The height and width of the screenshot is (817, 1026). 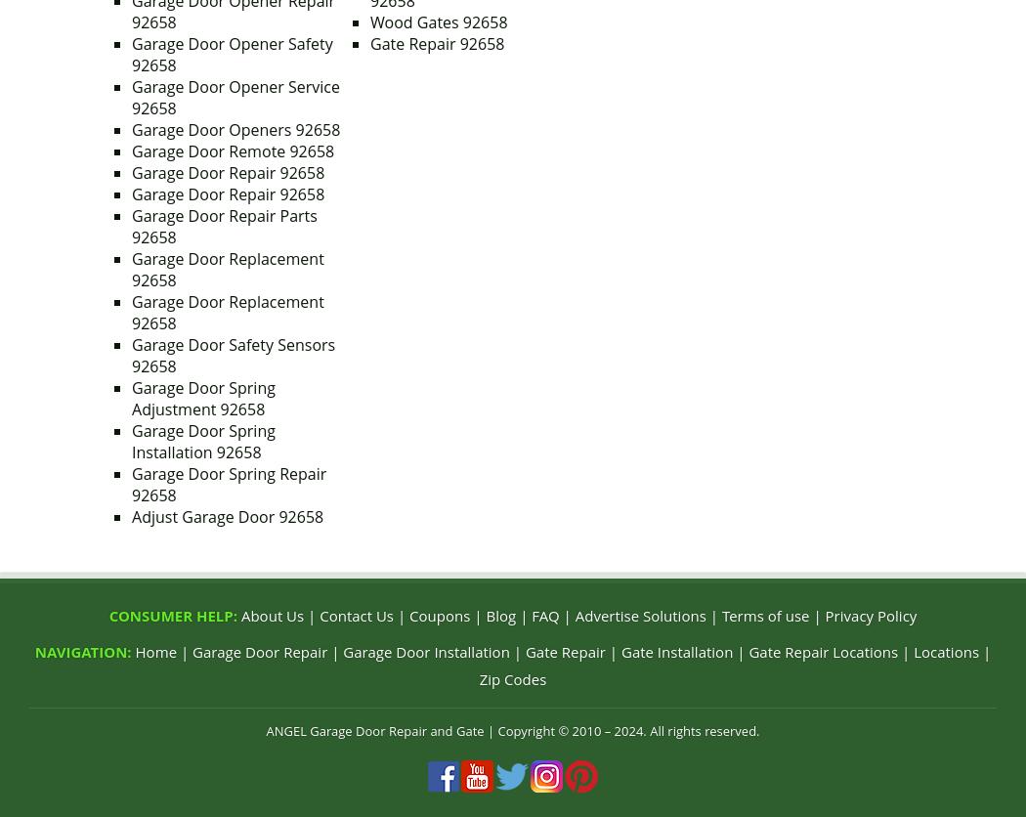 What do you see at coordinates (544, 616) in the screenshot?
I see `'FAQ'` at bounding box center [544, 616].